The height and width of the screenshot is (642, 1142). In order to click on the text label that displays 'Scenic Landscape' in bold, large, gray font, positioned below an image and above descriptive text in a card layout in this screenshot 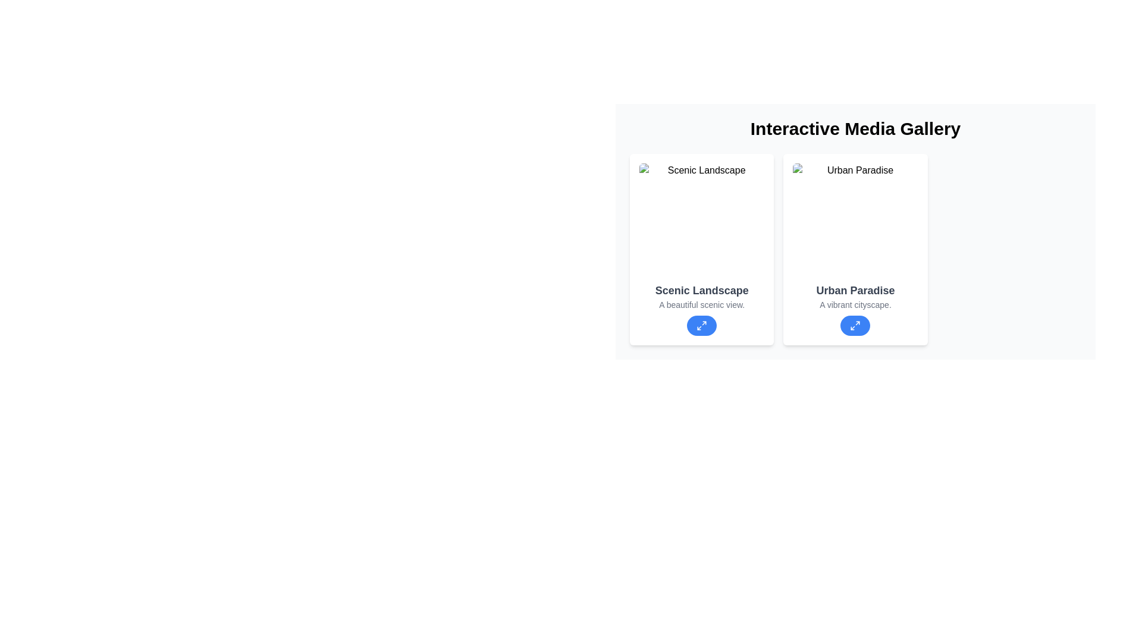, I will do `click(702, 291)`.